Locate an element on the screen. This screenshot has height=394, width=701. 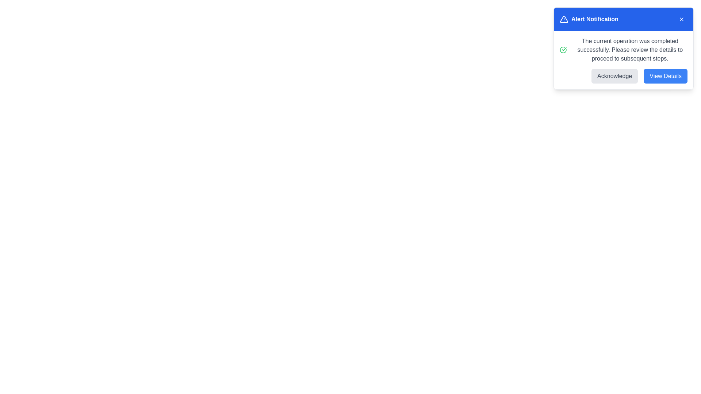
the 'View Details' button, which is a rectangular button with white text on a vibrant blue background, located at the bottom right of the notification card is located at coordinates (666, 76).